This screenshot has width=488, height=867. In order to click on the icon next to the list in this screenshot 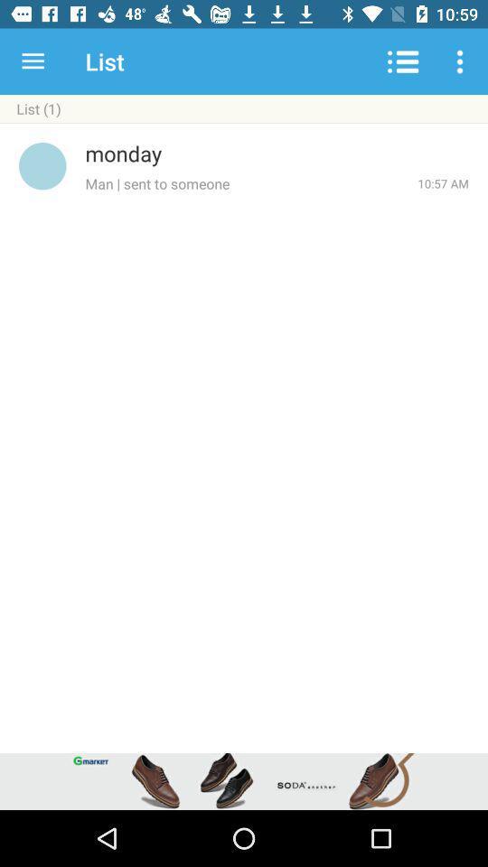, I will do `click(33, 61)`.